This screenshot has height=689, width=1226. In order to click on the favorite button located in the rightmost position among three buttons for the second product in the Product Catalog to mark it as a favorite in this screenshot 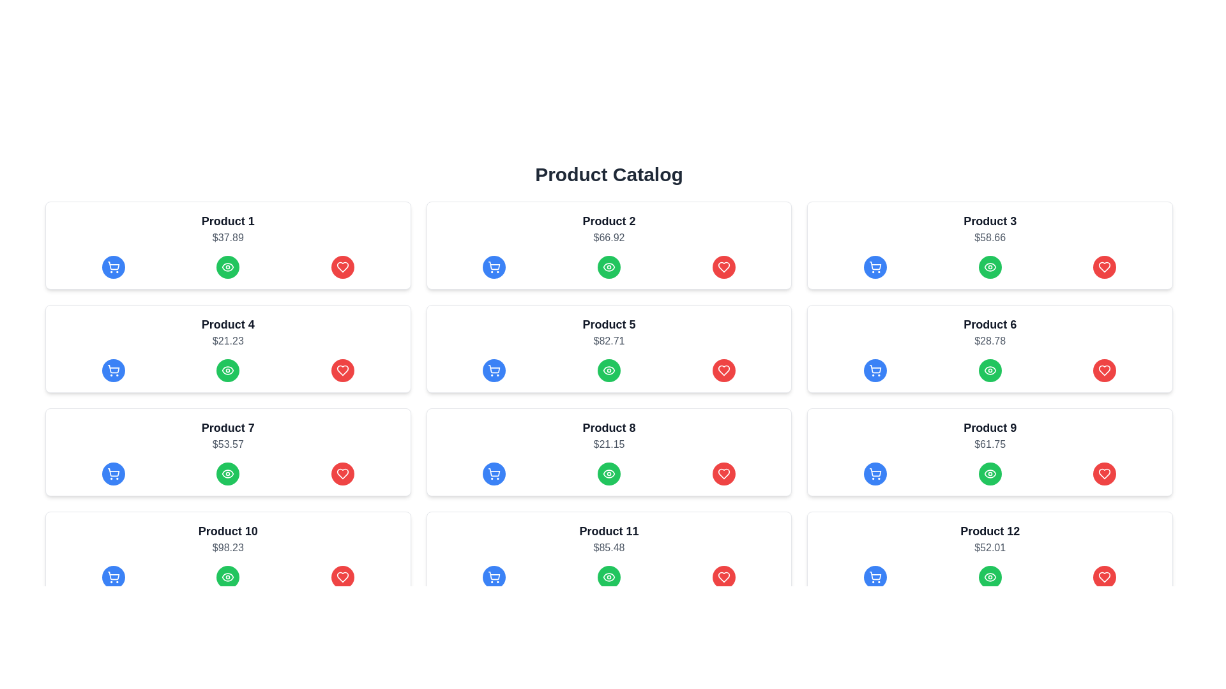, I will do `click(723, 267)`.